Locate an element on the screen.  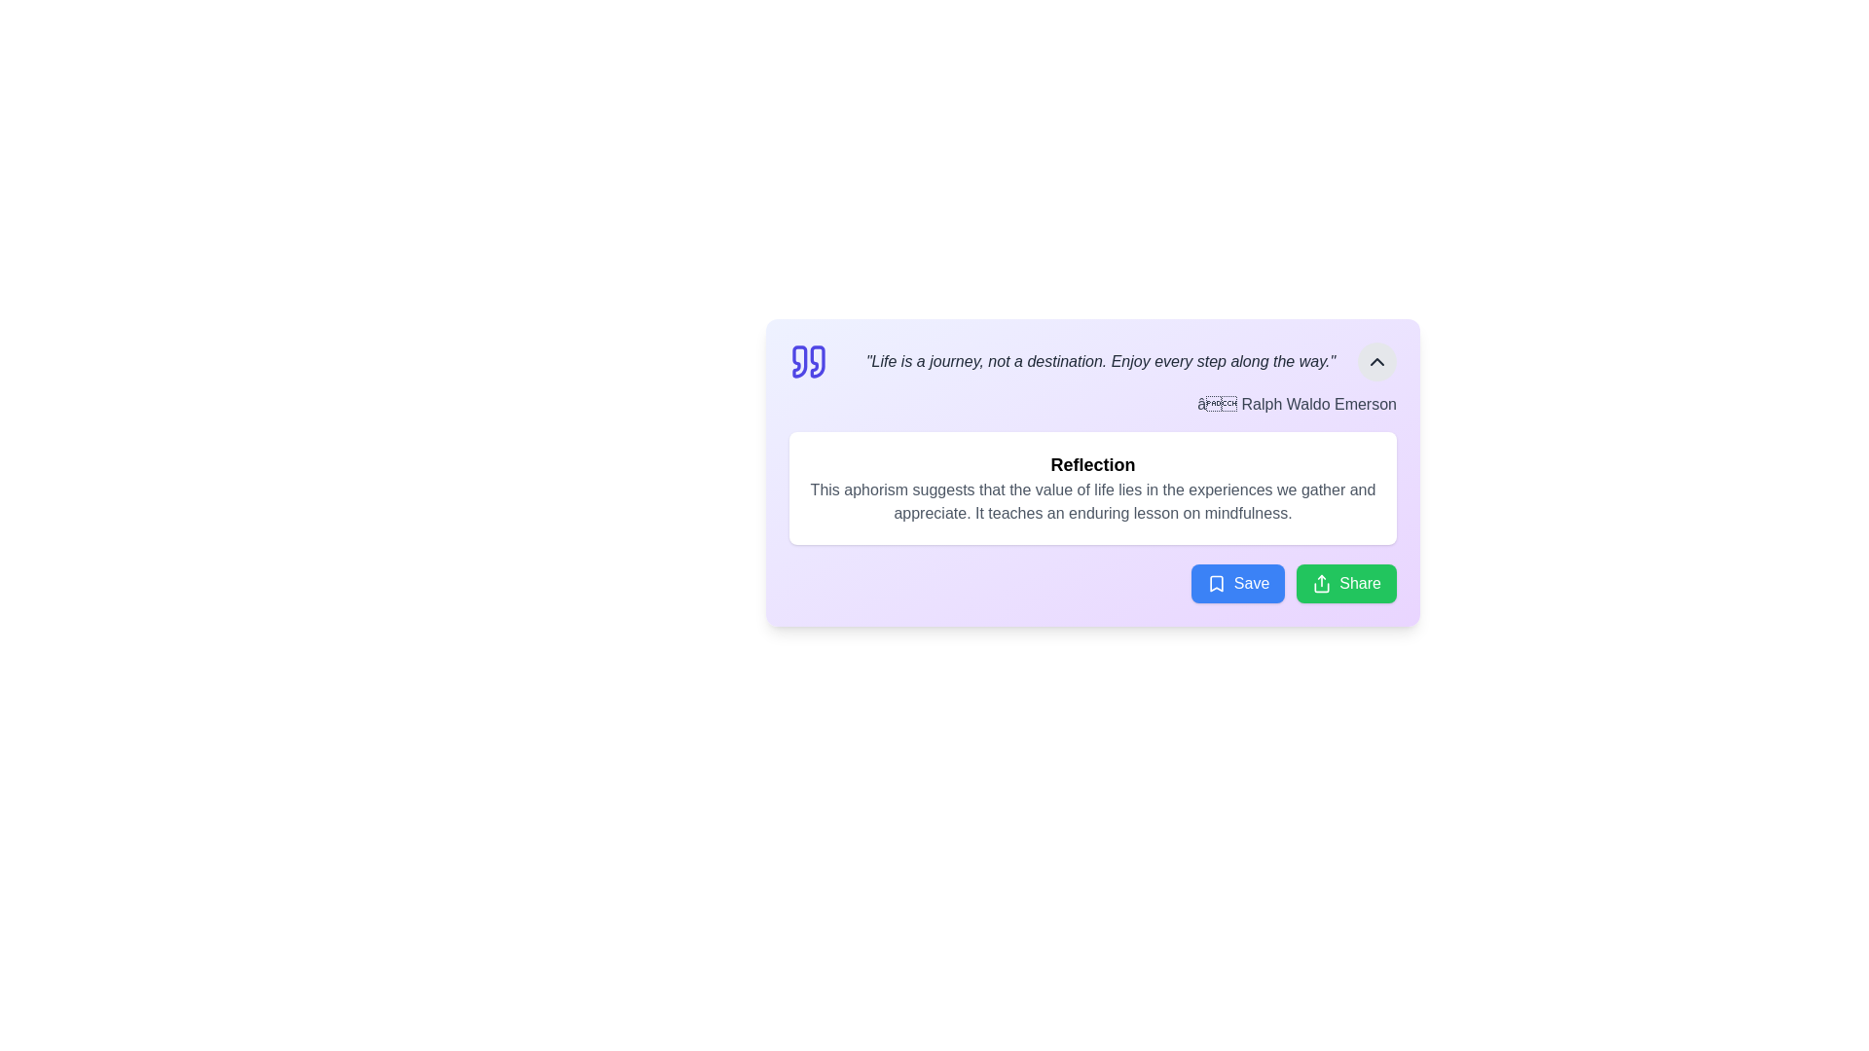
the decorative 'Save' icon located to the left of the text 'Save' within the blue button at the bottom center of the widget is located at coordinates (1215, 583).